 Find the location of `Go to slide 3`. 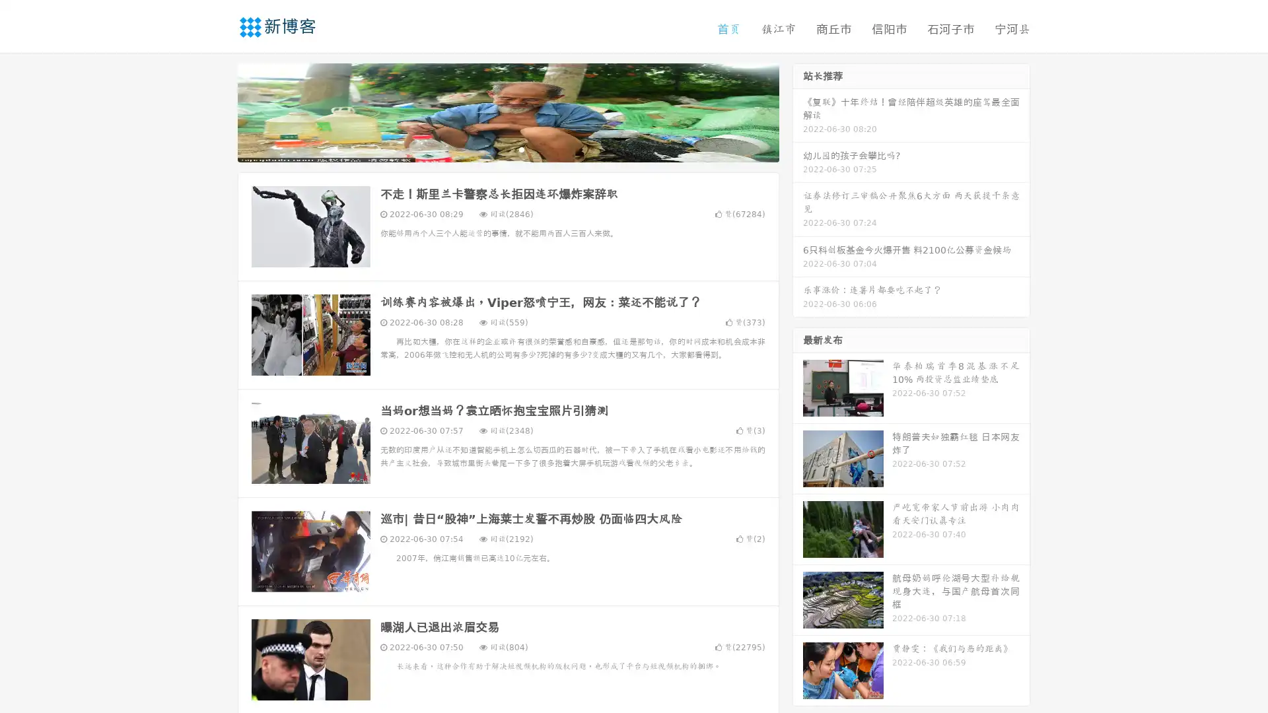

Go to slide 3 is located at coordinates (521, 149).